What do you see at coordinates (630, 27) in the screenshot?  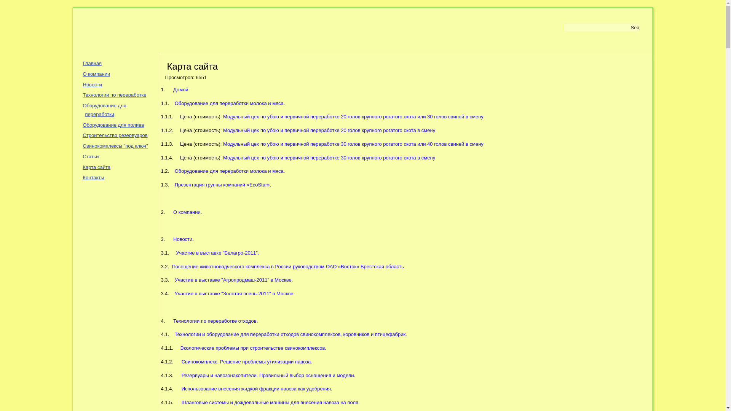 I see `'Search'` at bounding box center [630, 27].